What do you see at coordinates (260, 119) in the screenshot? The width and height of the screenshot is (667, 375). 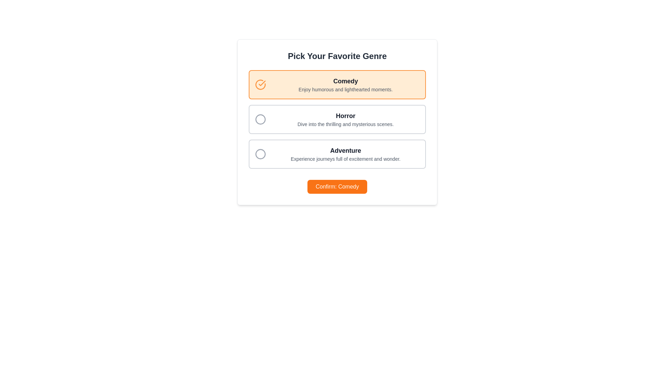 I see `the circular icon with a gray outline located to the left of the 'Horror' genre option, which is the second circular icon from the top in the list of genre options` at bounding box center [260, 119].